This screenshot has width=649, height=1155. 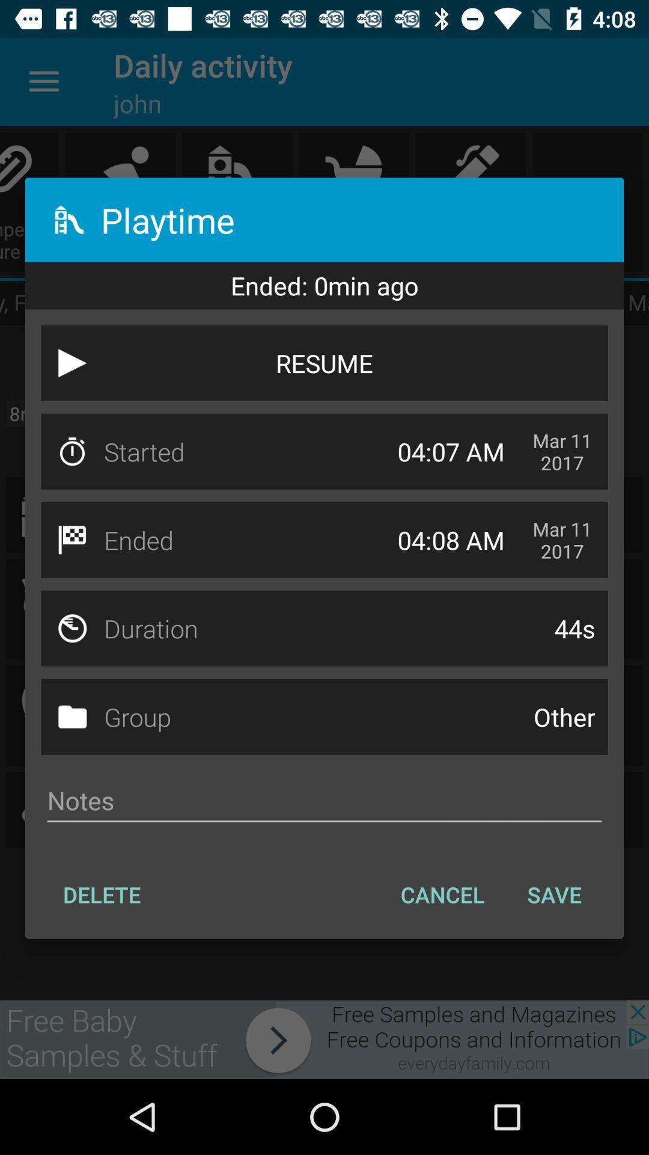 I want to click on icon next to the cancel, so click(x=101, y=895).